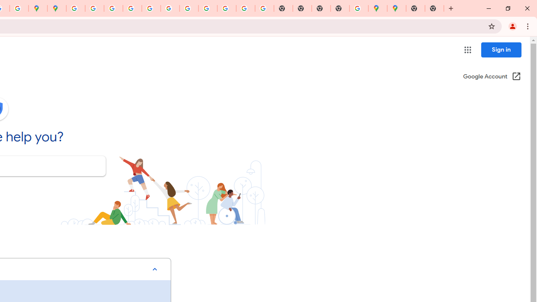 The width and height of the screenshot is (537, 302). I want to click on 'New Tab', so click(415, 8).